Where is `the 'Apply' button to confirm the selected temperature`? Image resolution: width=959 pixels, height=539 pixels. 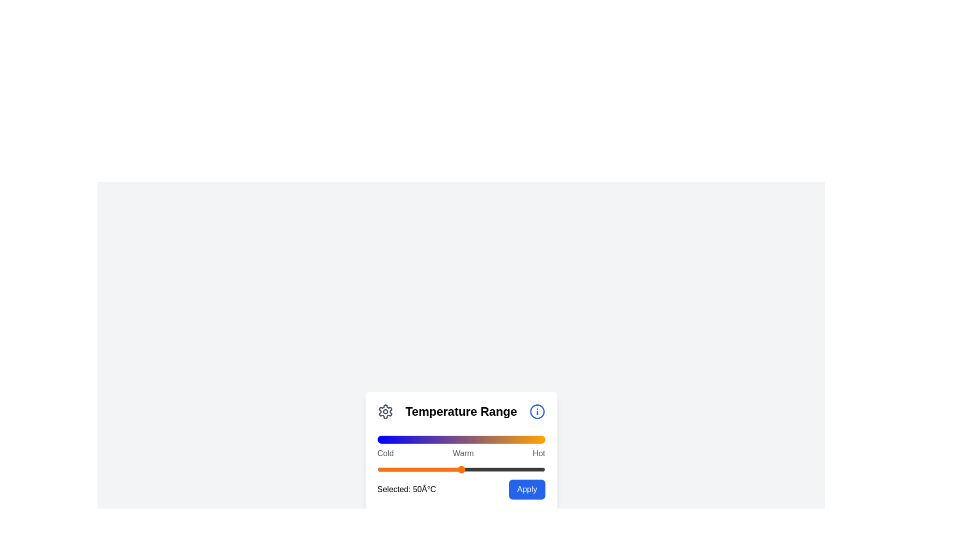 the 'Apply' button to confirm the selected temperature is located at coordinates (526, 489).